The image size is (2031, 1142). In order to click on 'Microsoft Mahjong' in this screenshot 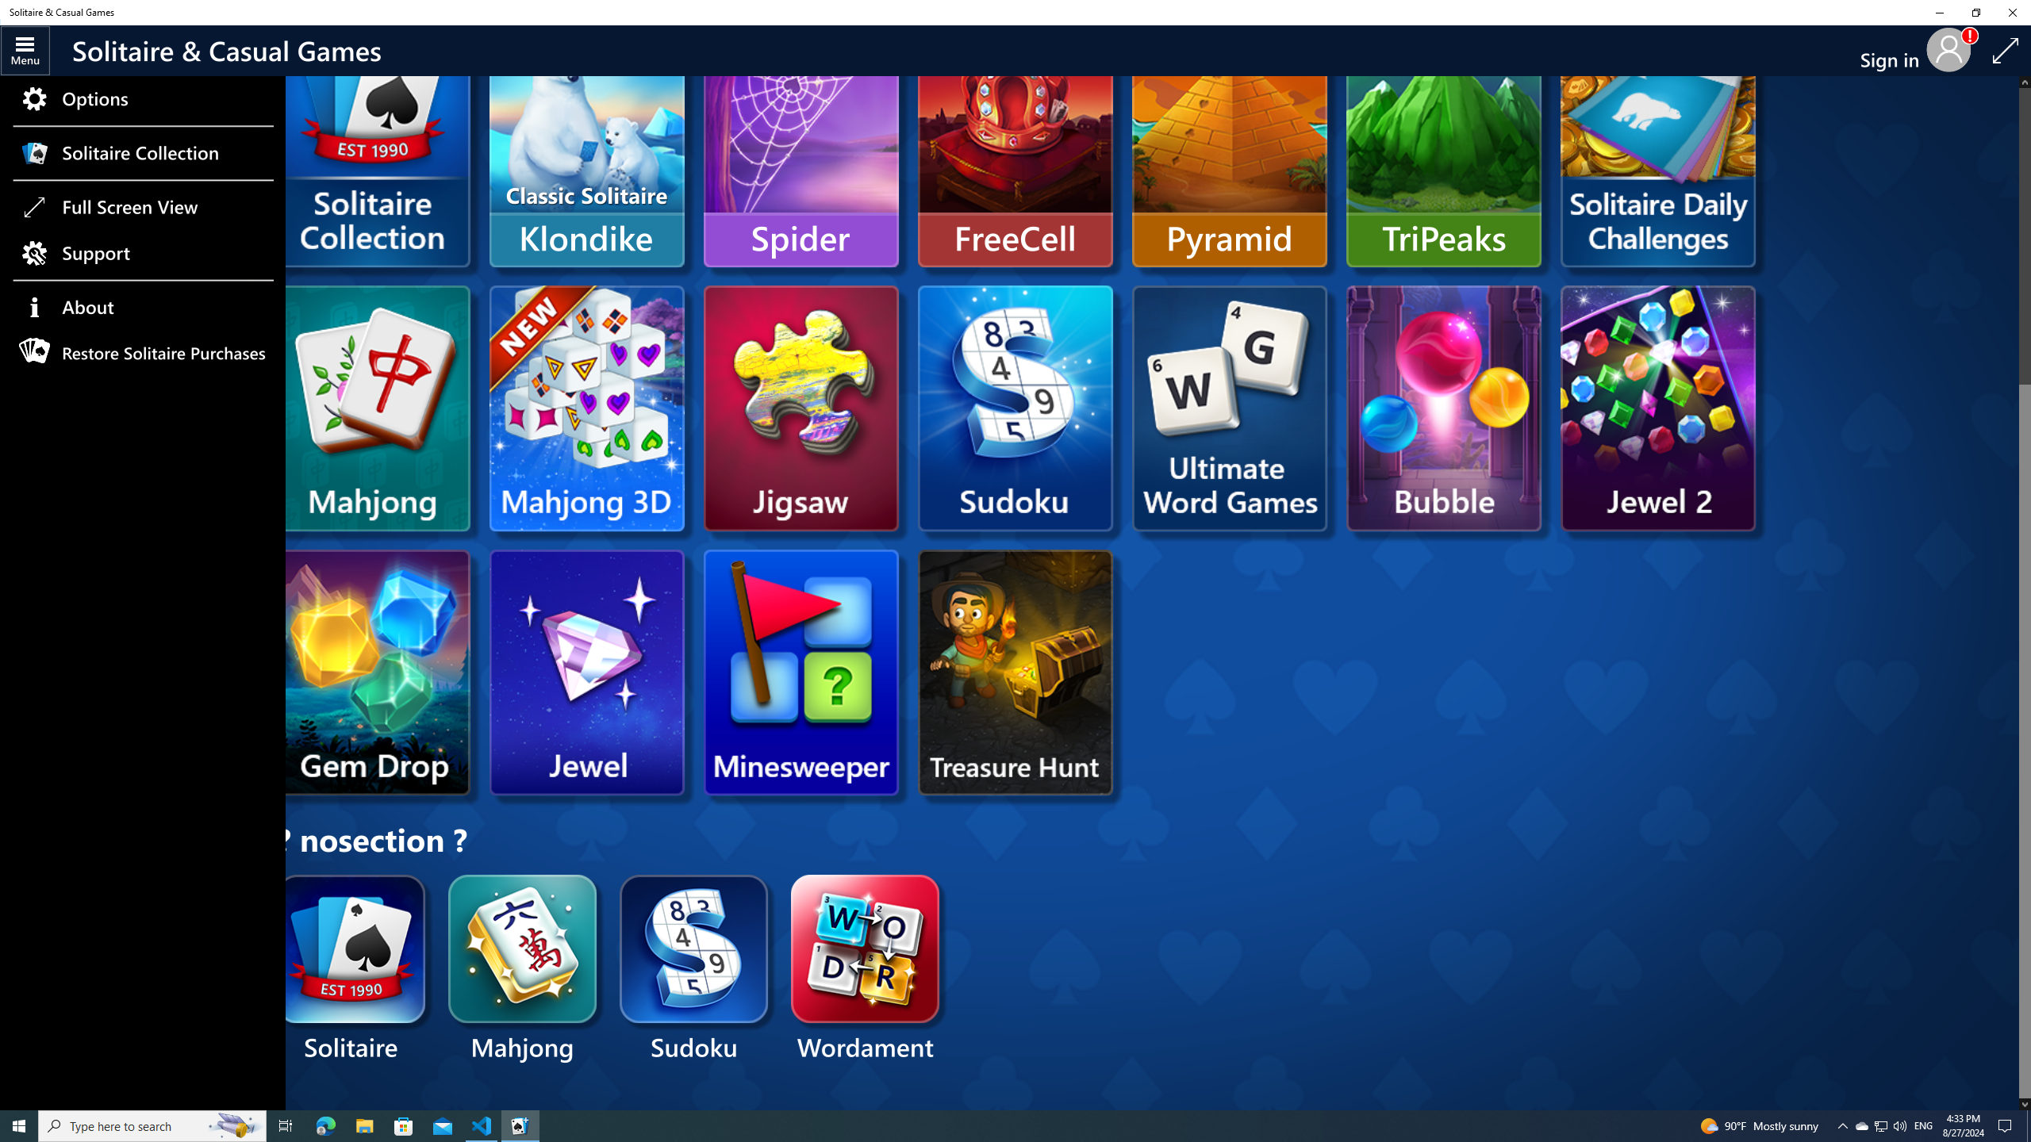, I will do `click(378, 407)`.